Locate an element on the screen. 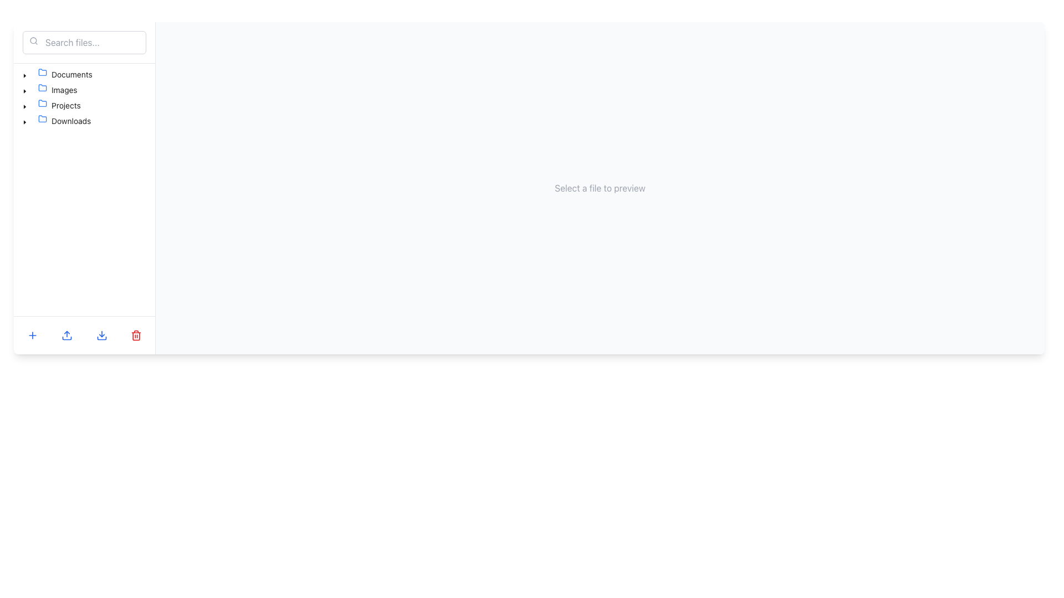 This screenshot has width=1064, height=598. the blue folder icon located in the sidebar to the left of the 'Documents' label is located at coordinates (42, 72).